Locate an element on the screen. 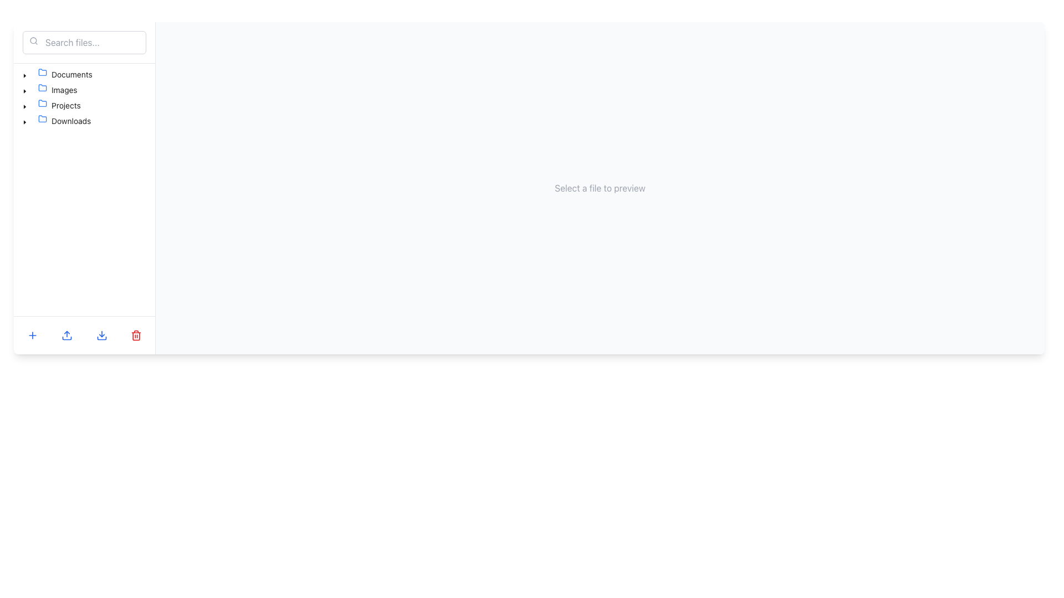 This screenshot has width=1064, height=598. the blue folder icon located in the sidebar to the left of the 'Documents' label is located at coordinates (42, 72).